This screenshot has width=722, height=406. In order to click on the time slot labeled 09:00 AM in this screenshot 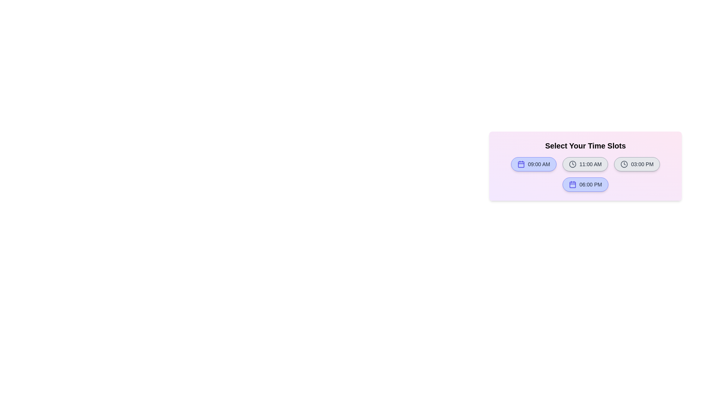, I will do `click(533, 164)`.